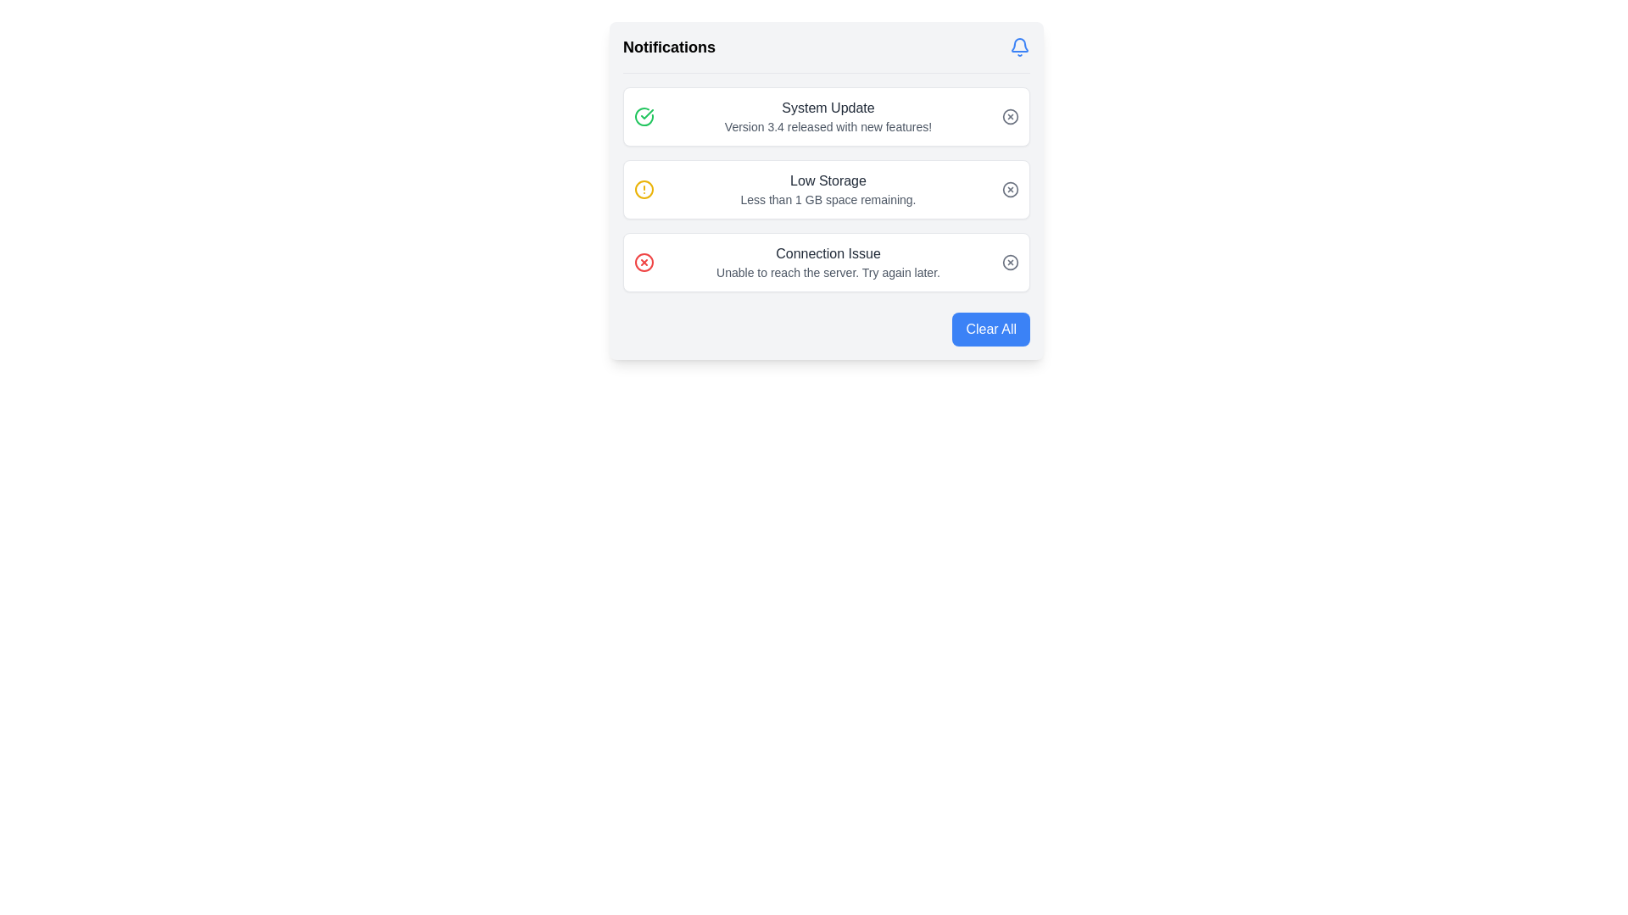 The height and width of the screenshot is (915, 1628). Describe the element at coordinates (826, 189) in the screenshot. I see `the notification panel that displays 'Low Storage' and the message 'Less than 1 GB space remaining.'` at that location.